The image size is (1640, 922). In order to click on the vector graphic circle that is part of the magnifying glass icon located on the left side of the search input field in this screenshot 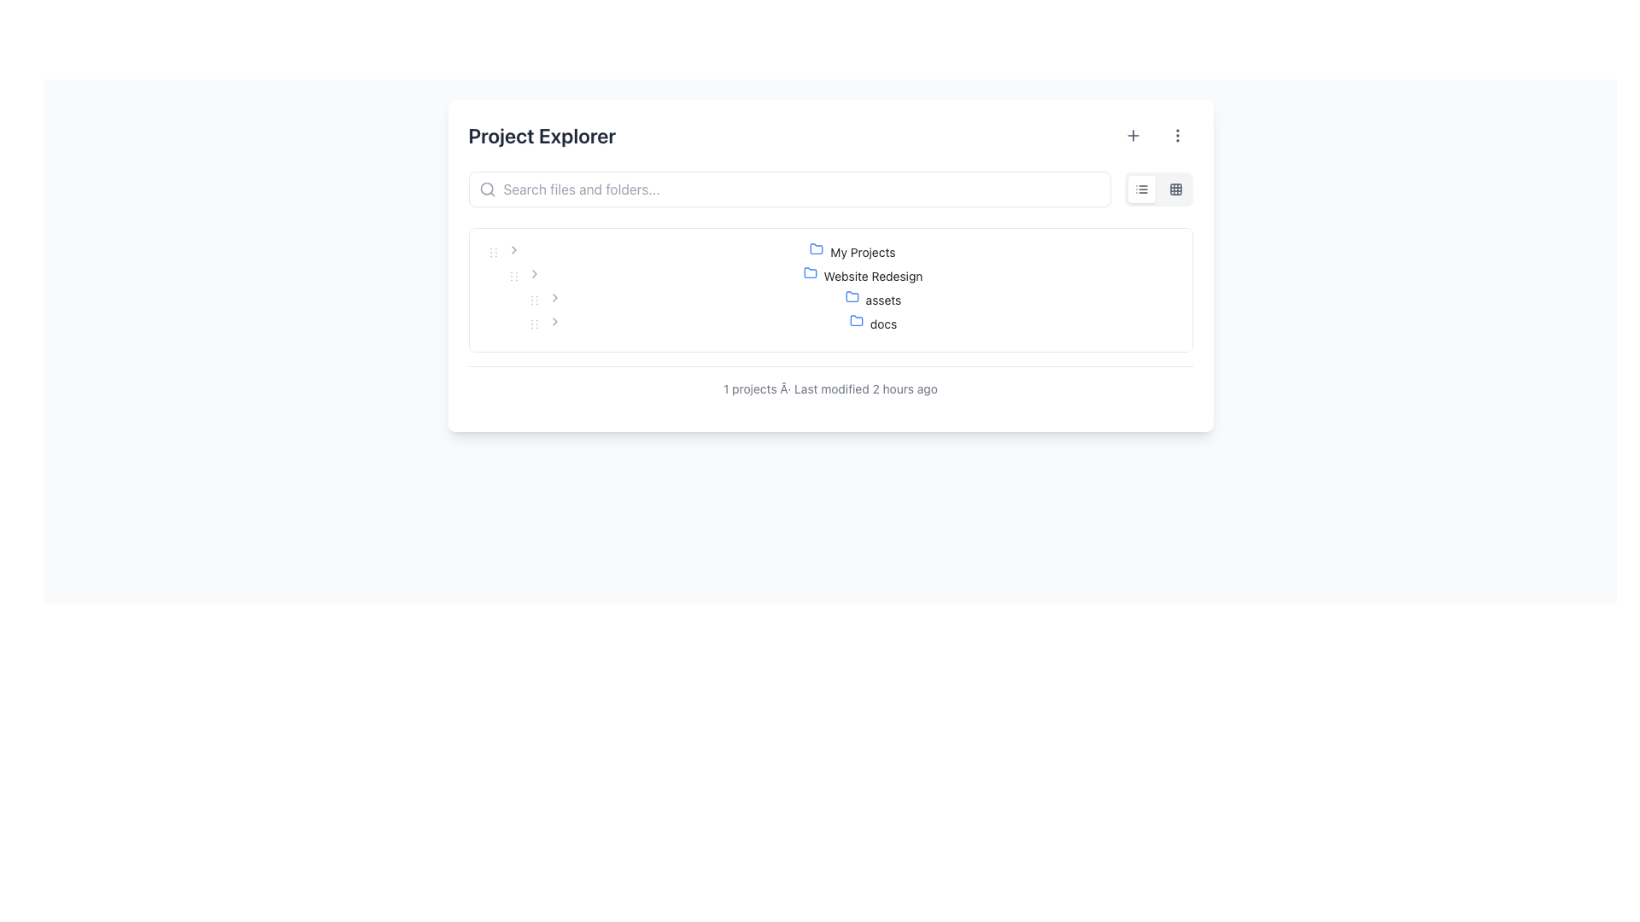, I will do `click(485, 189)`.